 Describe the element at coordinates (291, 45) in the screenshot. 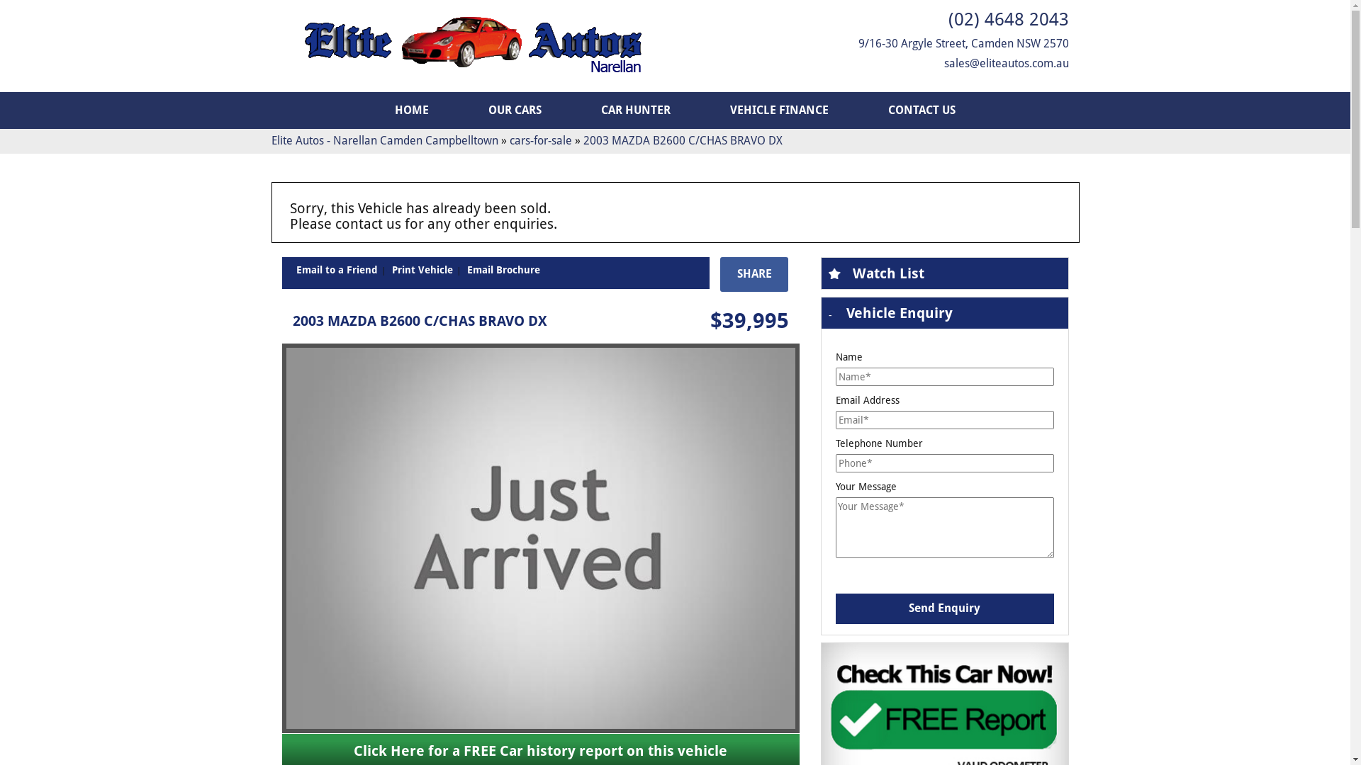

I see `'Elite Autos Narellan'` at that location.